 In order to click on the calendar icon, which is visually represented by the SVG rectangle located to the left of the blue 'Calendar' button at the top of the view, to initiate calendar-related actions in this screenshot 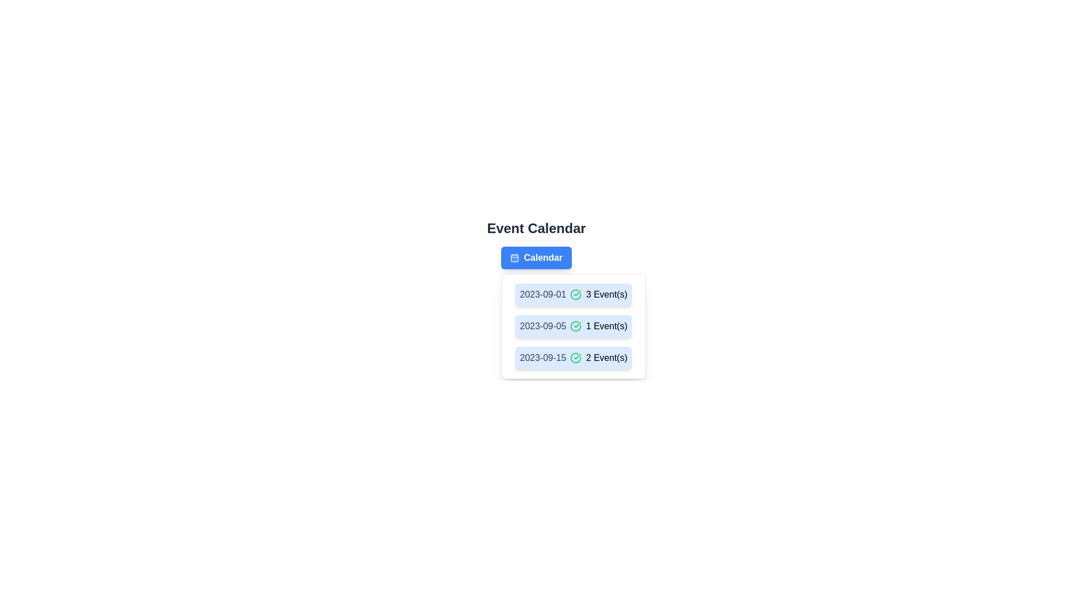, I will do `click(514, 258)`.